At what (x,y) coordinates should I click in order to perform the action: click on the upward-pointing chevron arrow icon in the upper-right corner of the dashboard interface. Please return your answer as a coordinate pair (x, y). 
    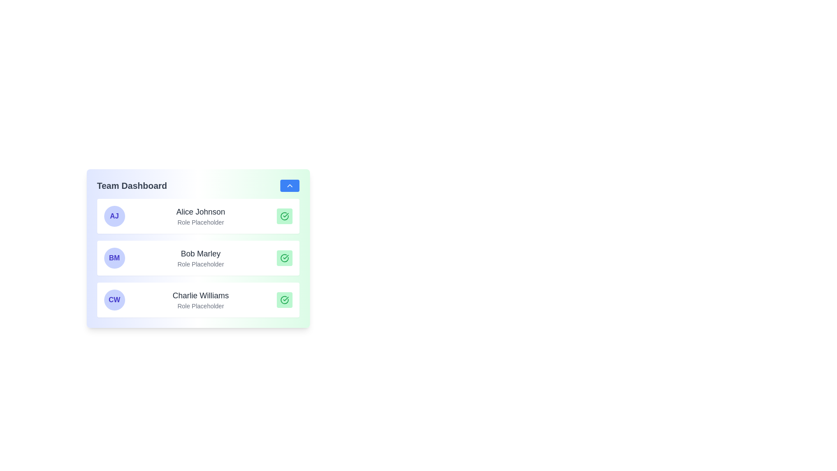
    Looking at the image, I should click on (289, 185).